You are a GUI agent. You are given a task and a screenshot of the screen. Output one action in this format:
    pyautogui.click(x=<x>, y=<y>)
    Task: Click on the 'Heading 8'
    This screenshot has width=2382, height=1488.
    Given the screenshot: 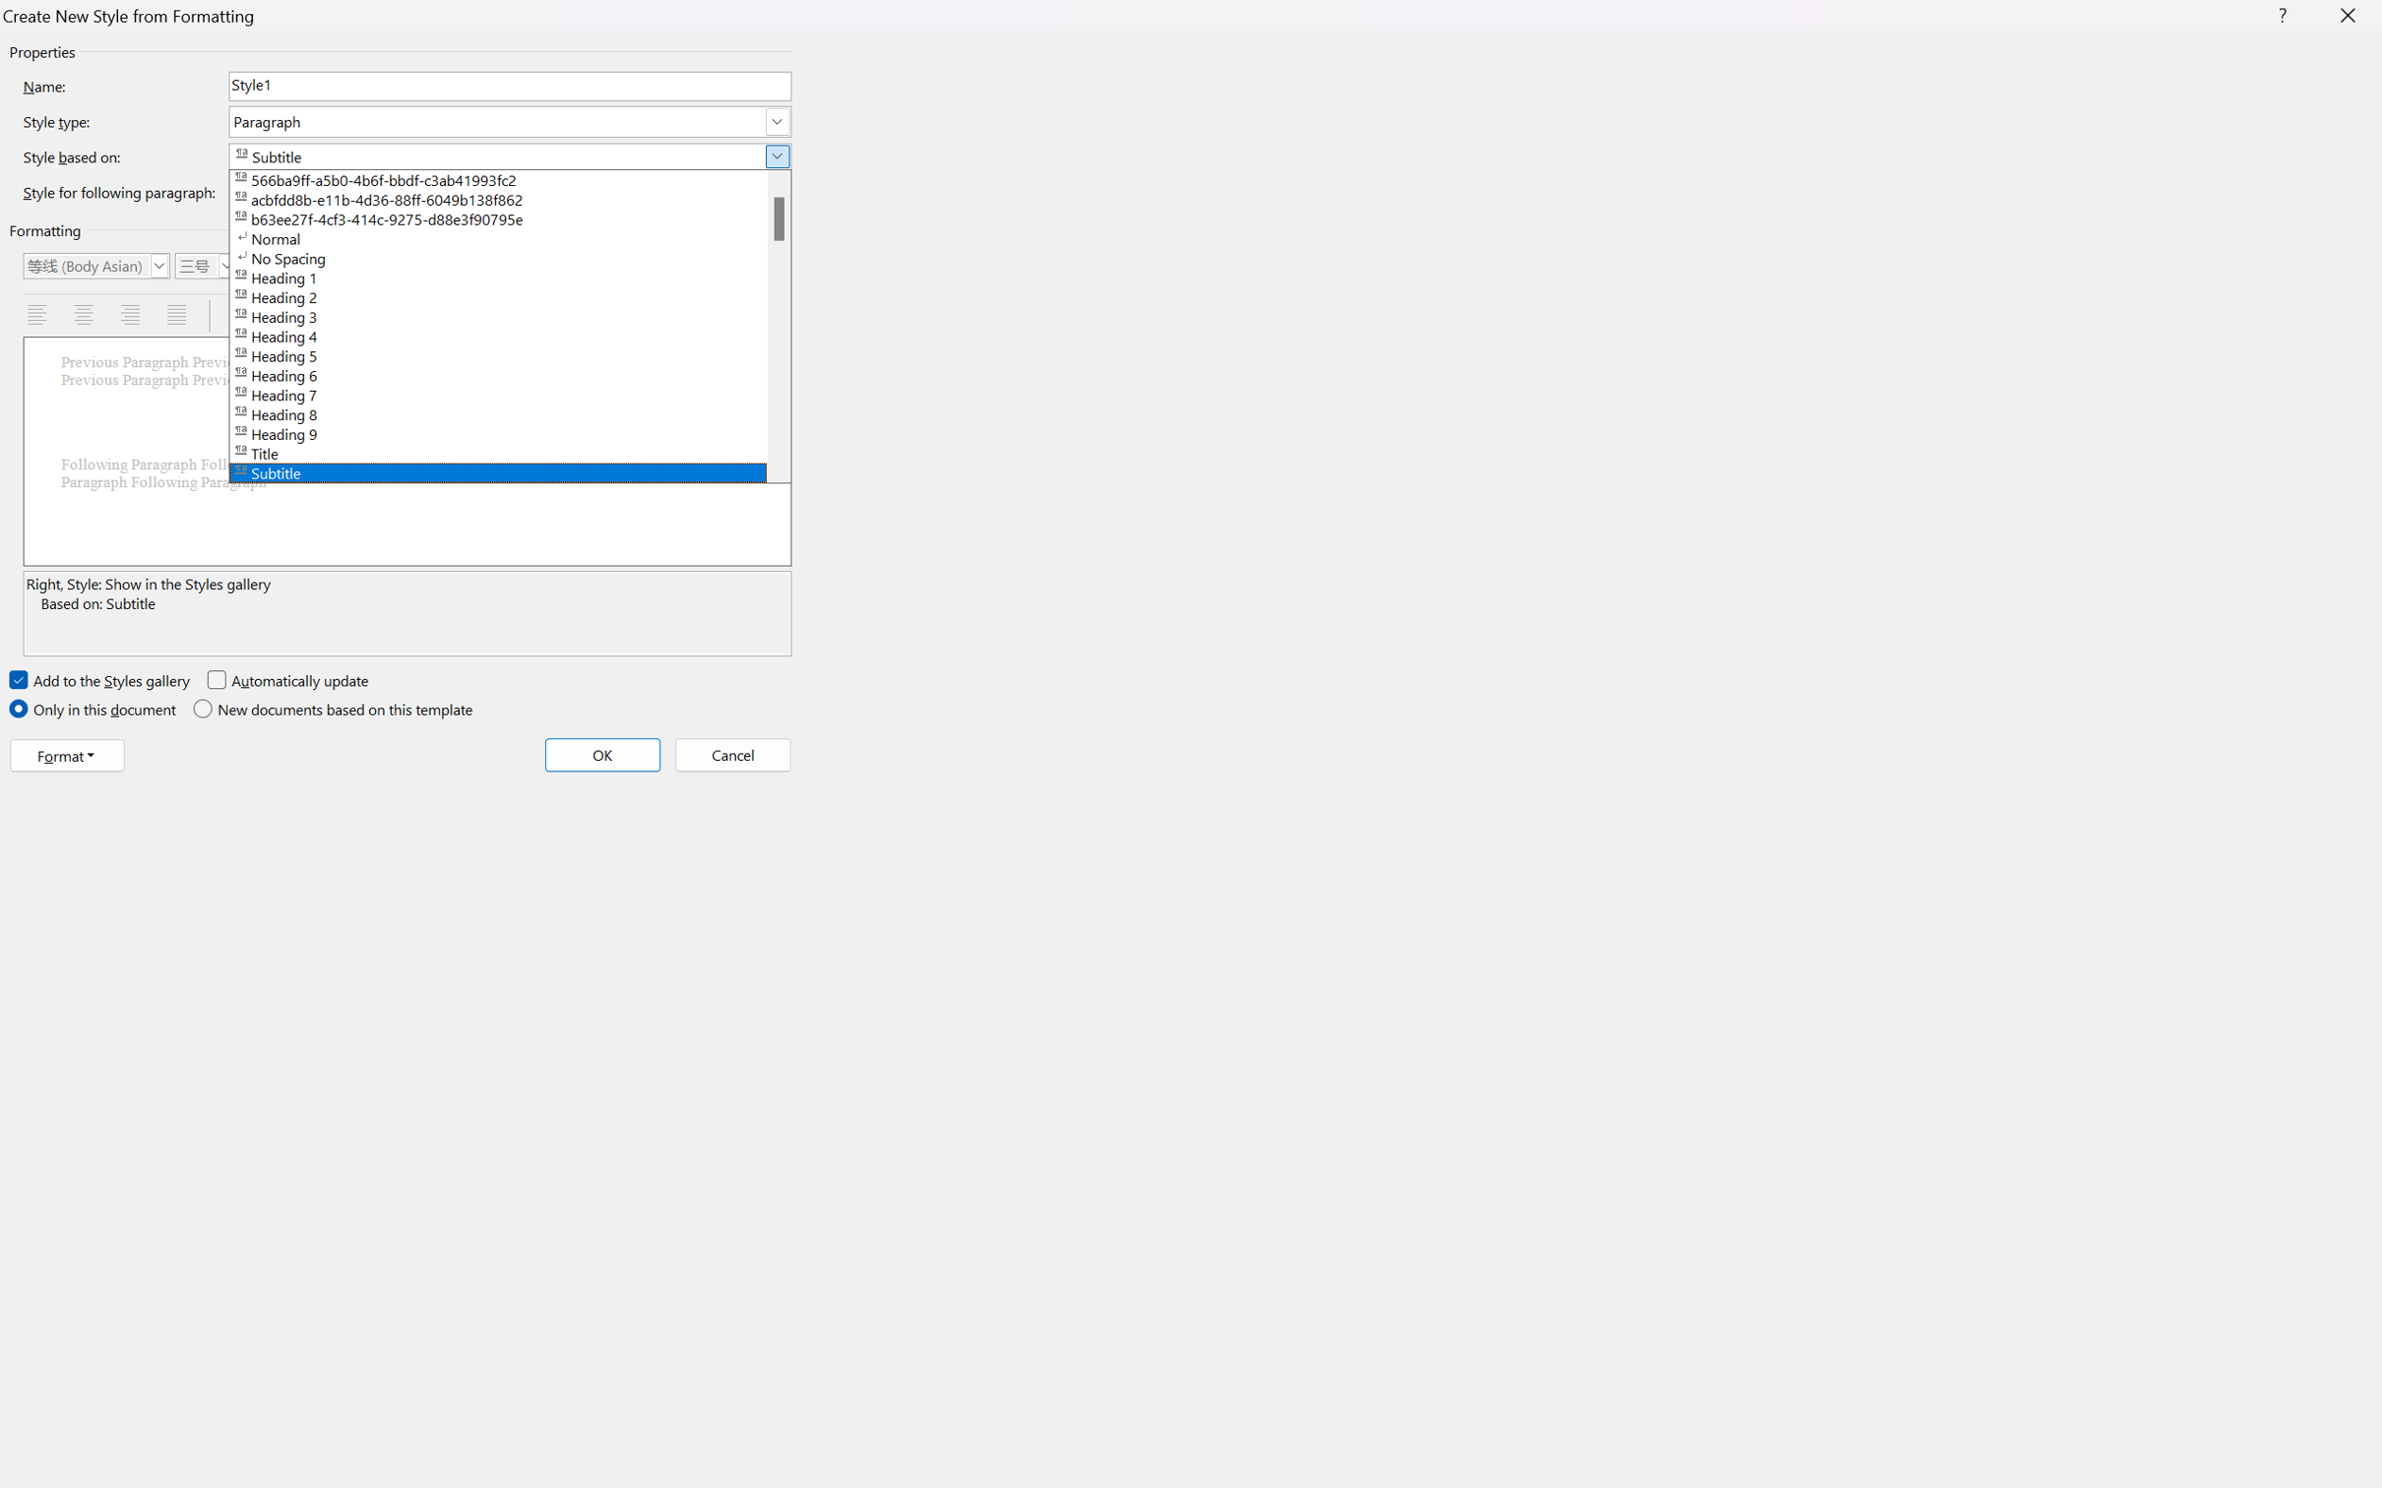 What is the action you would take?
    pyautogui.click(x=508, y=412)
    